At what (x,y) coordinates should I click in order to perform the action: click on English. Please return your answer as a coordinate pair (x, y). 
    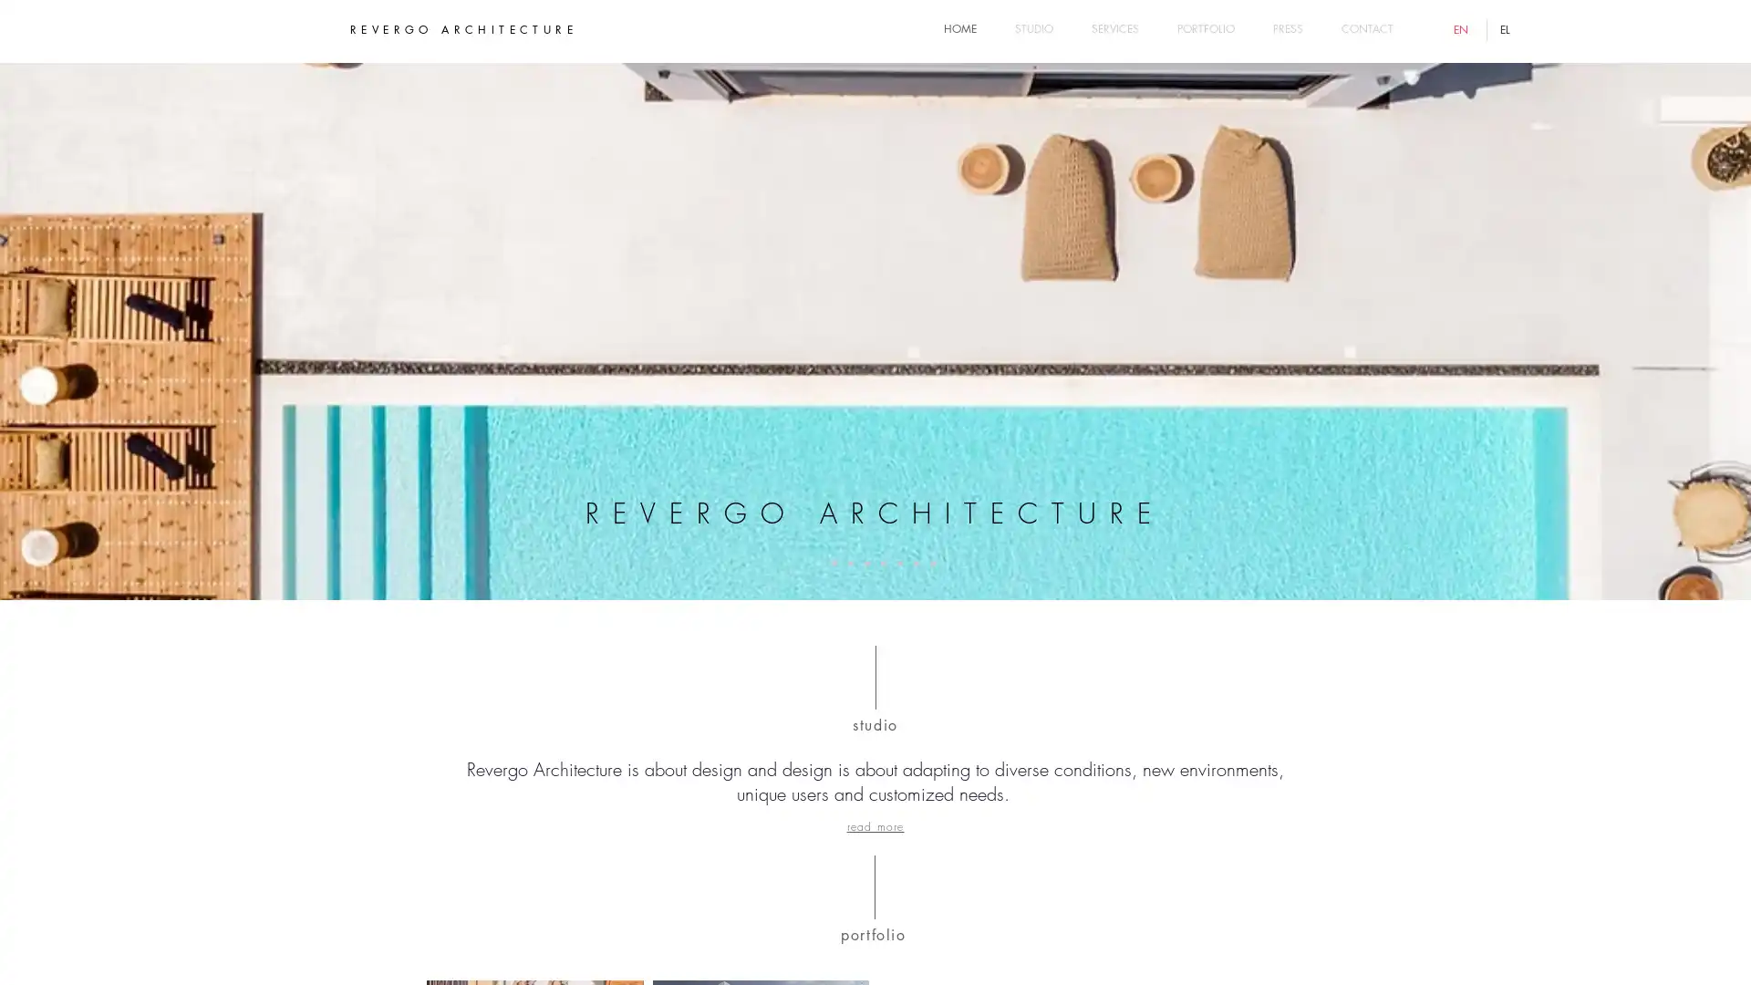
    Looking at the image, I should click on (1463, 30).